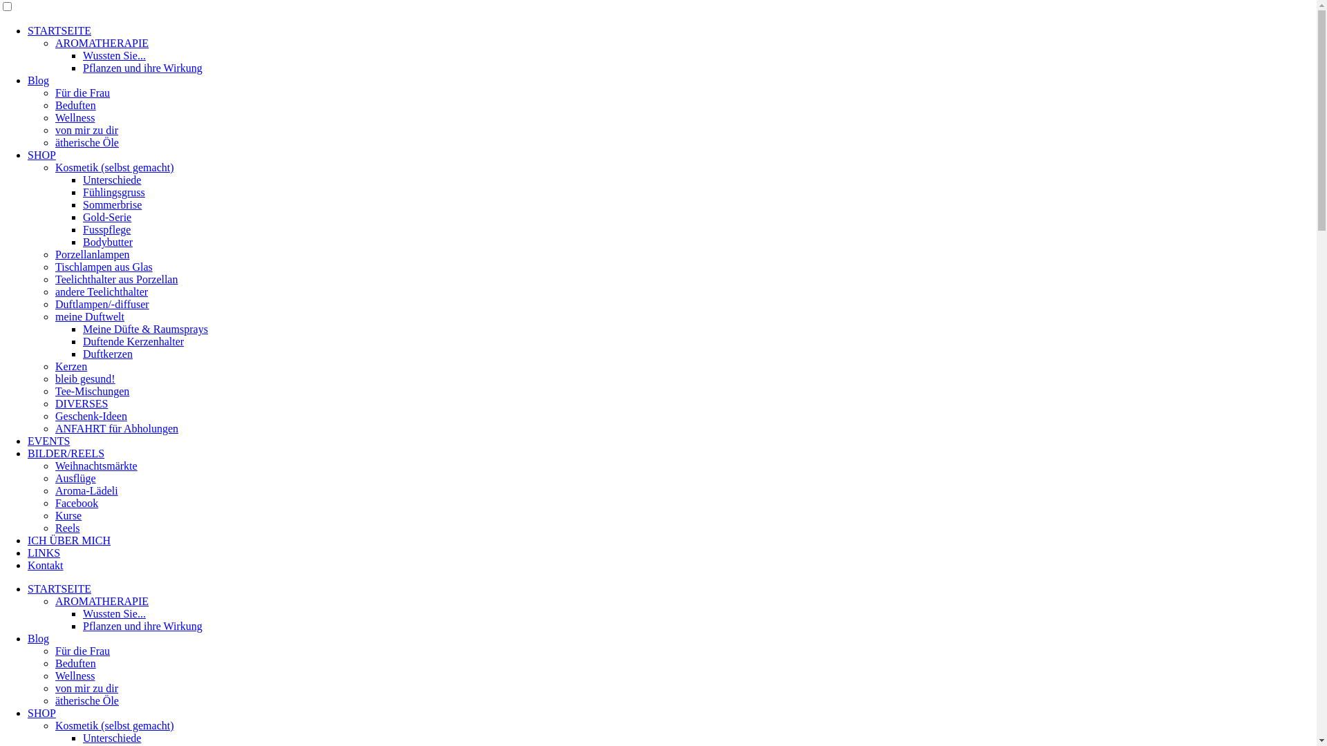 The height and width of the screenshot is (746, 1327). I want to click on 'Kosmetik (selbst gemacht)', so click(115, 725).